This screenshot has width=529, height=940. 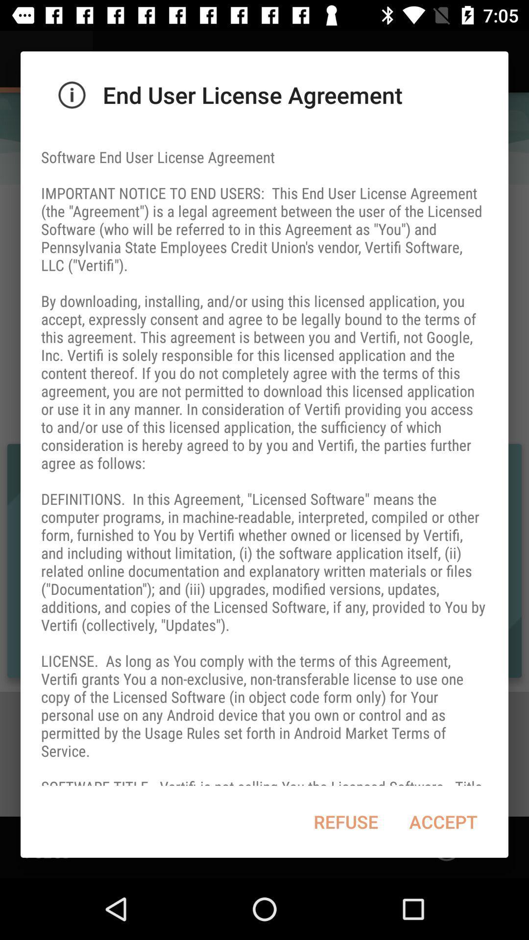 What do you see at coordinates (443, 822) in the screenshot?
I see `the accept item` at bounding box center [443, 822].